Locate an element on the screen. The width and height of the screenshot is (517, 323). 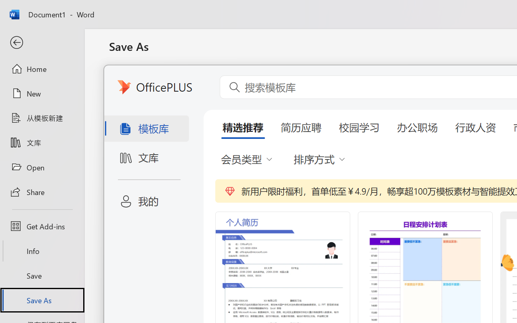
'Save As' is located at coordinates (42, 300).